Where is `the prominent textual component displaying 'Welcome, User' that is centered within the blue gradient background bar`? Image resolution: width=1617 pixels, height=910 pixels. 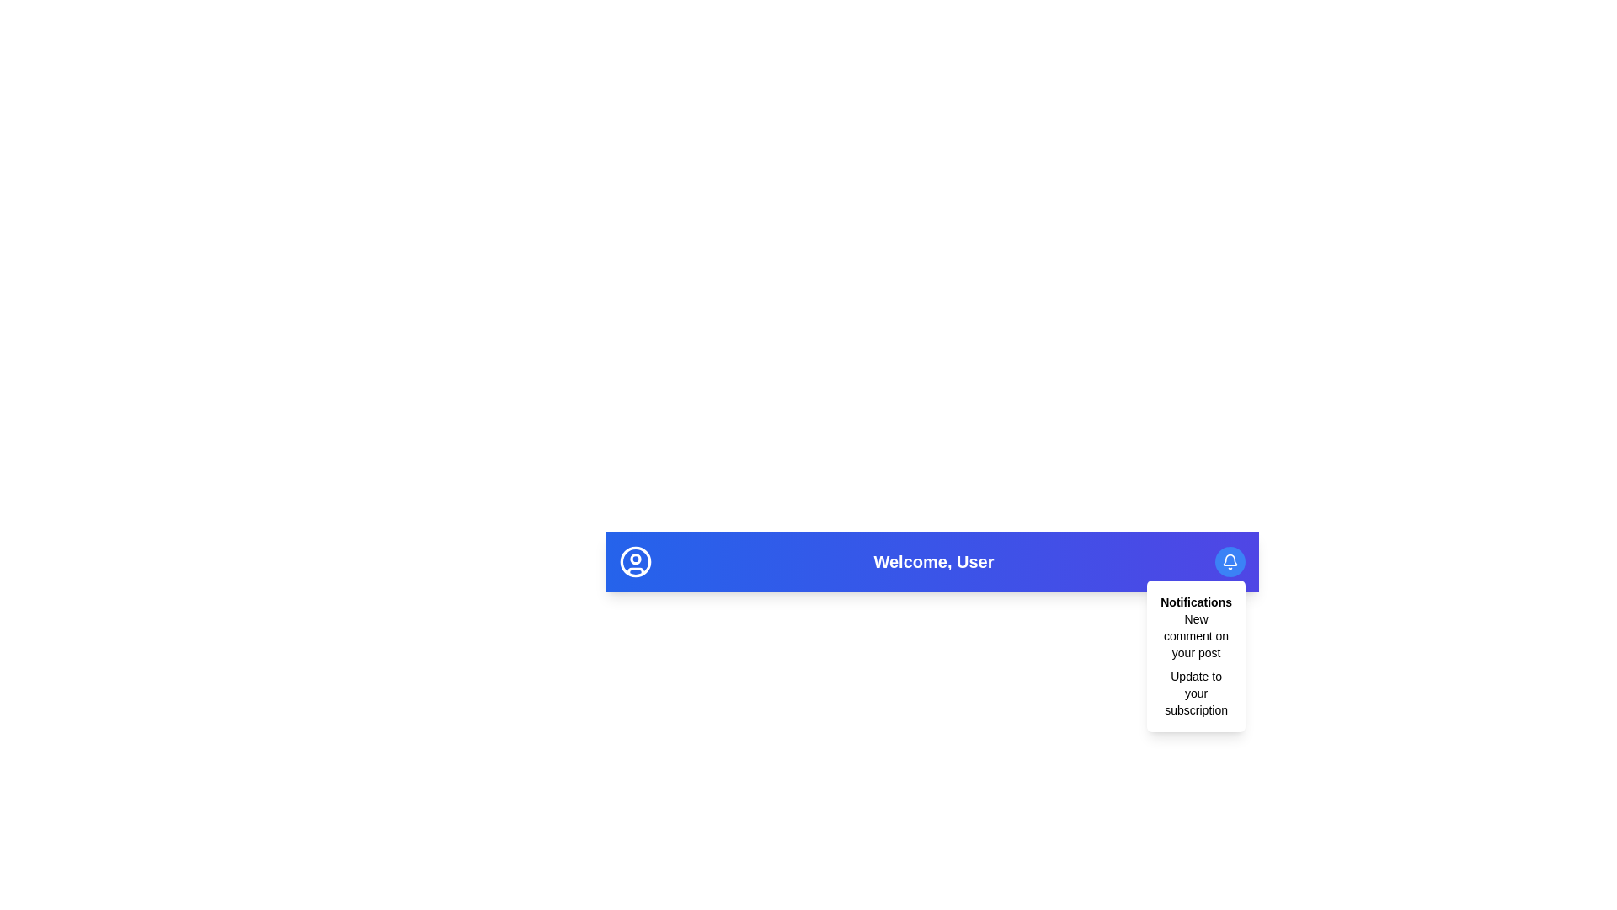 the prominent textual component displaying 'Welcome, User' that is centered within the blue gradient background bar is located at coordinates (931, 562).